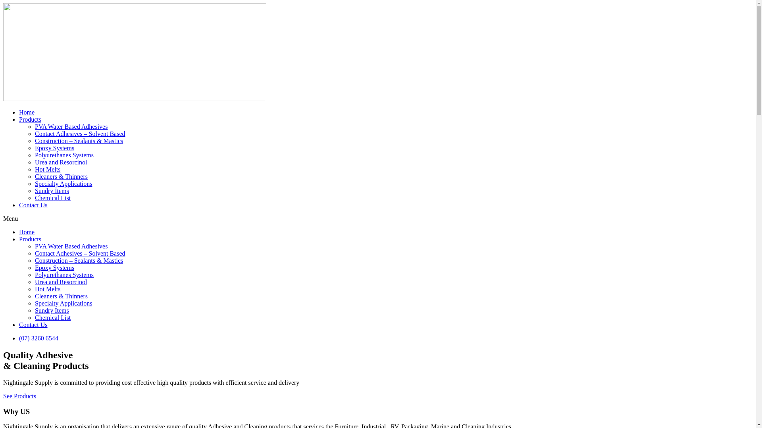 The width and height of the screenshot is (762, 428). Describe the element at coordinates (19, 119) in the screenshot. I see `'Products'` at that location.